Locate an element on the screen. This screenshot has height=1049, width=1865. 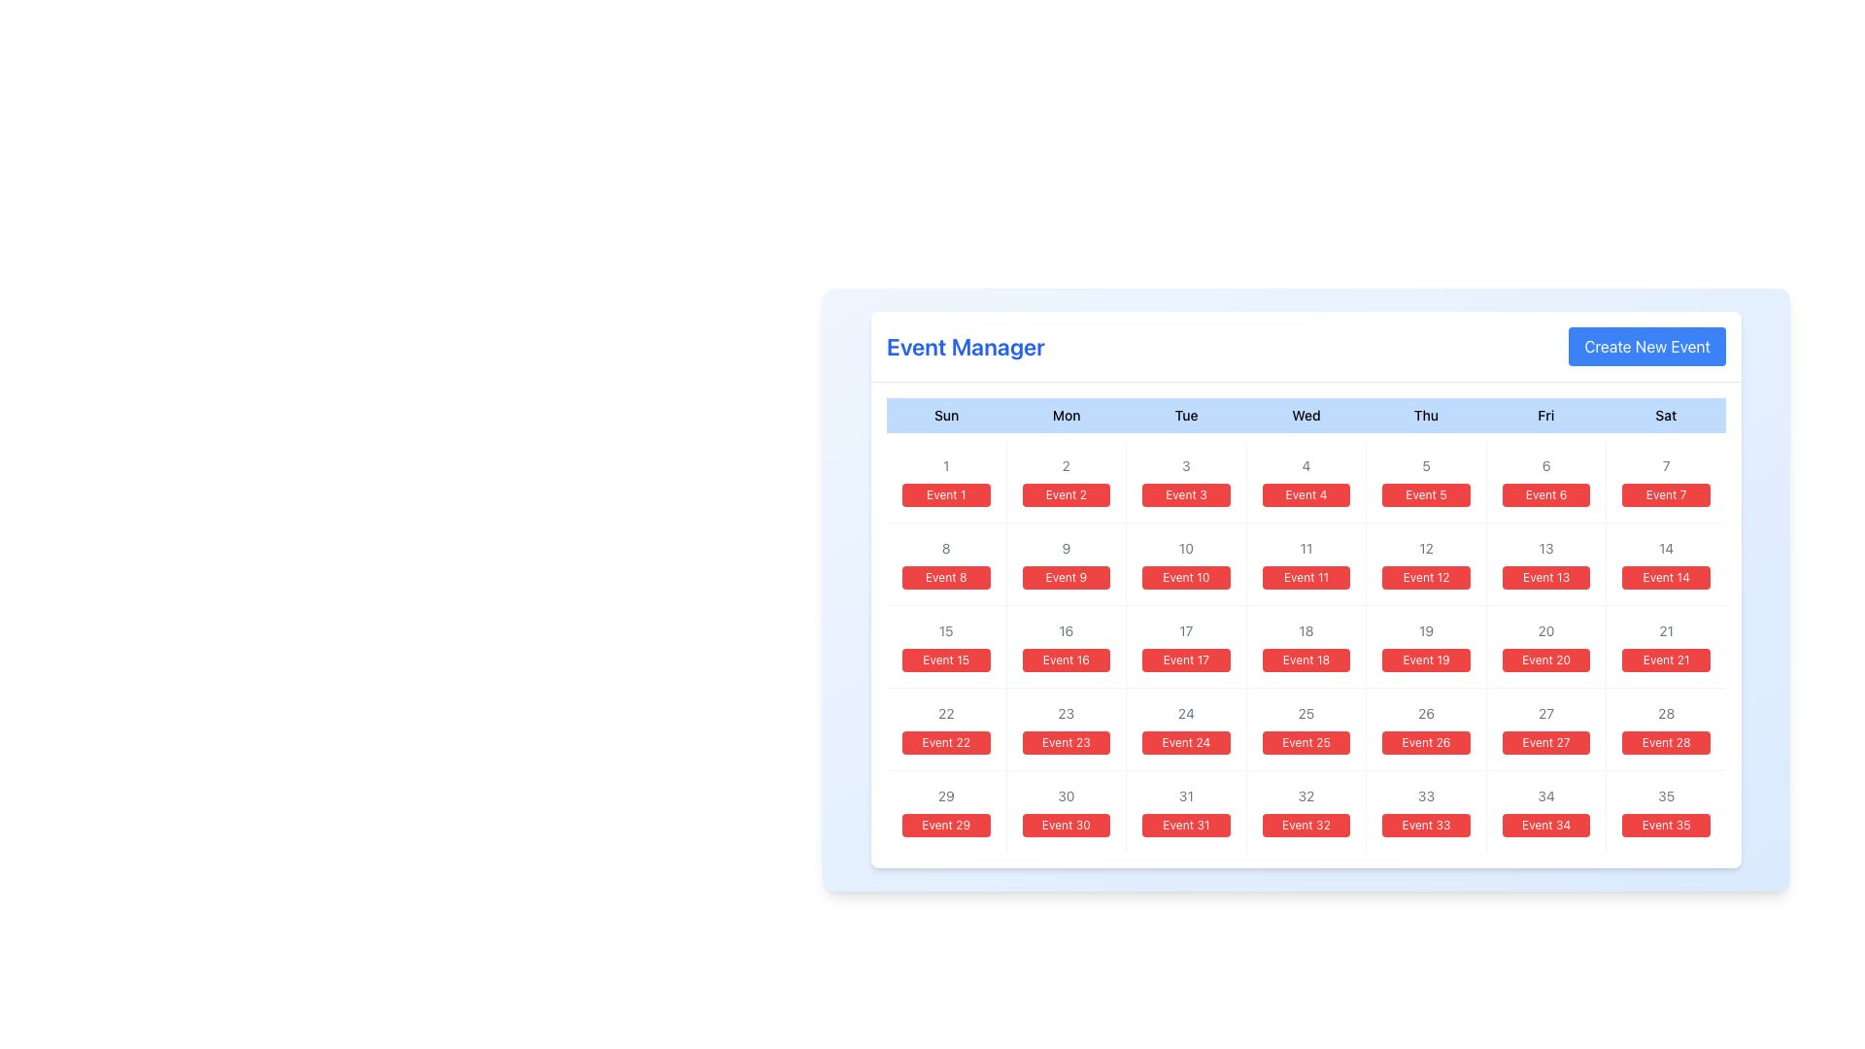
text of the button-like label with red background and white text reading 'Event 29', located at the bottom segment of the calendar tile for the date '29' is located at coordinates (946, 825).